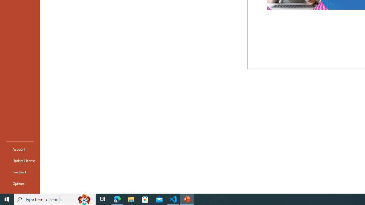  Describe the element at coordinates (20, 161) in the screenshot. I see `'Update License'` at that location.